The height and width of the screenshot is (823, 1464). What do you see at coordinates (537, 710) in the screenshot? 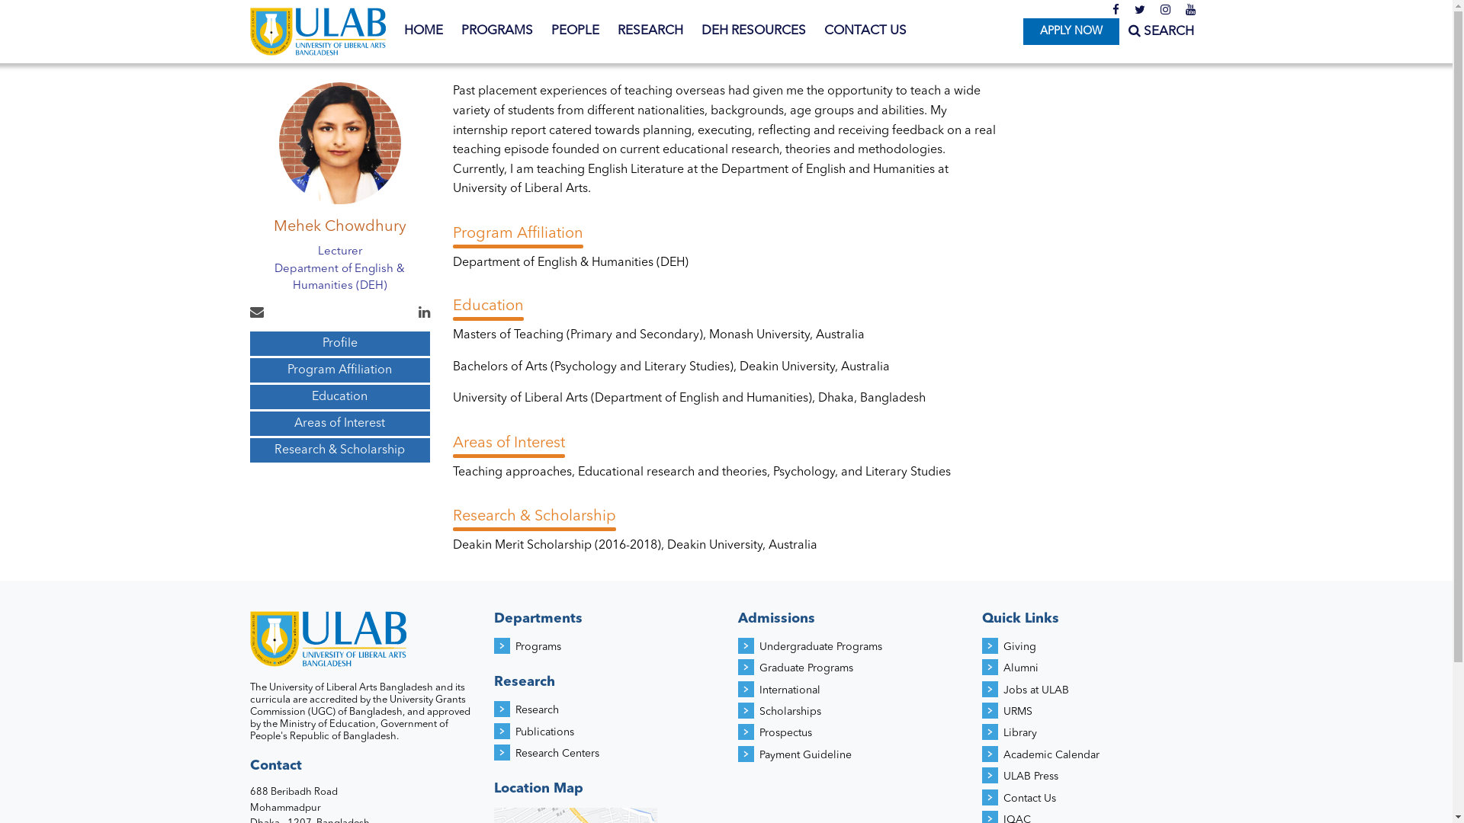
I see `'Research'` at bounding box center [537, 710].